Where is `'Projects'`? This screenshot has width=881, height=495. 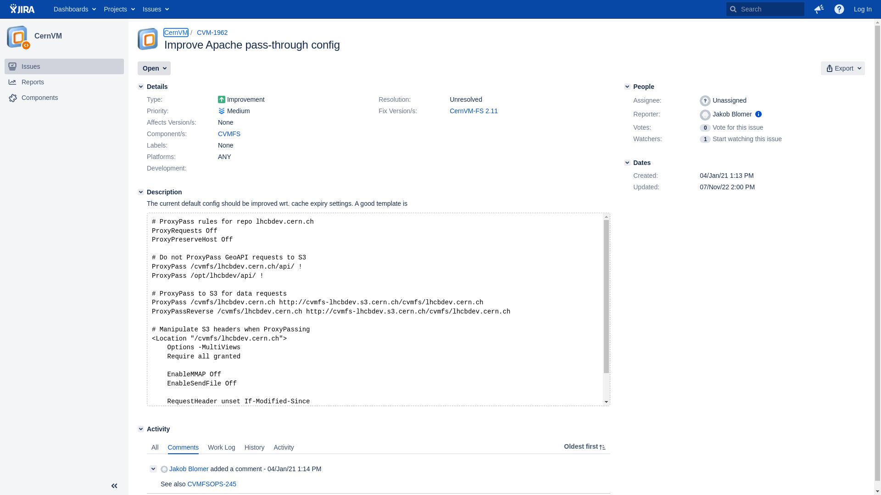 'Projects' is located at coordinates (118, 9).